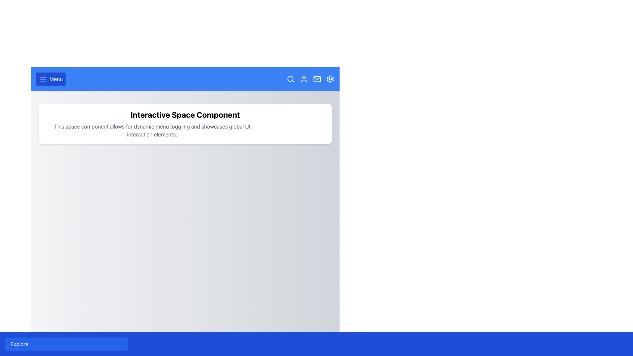 Image resolution: width=633 pixels, height=356 pixels. Describe the element at coordinates (303, 78) in the screenshot. I see `the user profile button located at the top-right corner of the interface, positioned between the search icon and the notification/settings icons` at that location.